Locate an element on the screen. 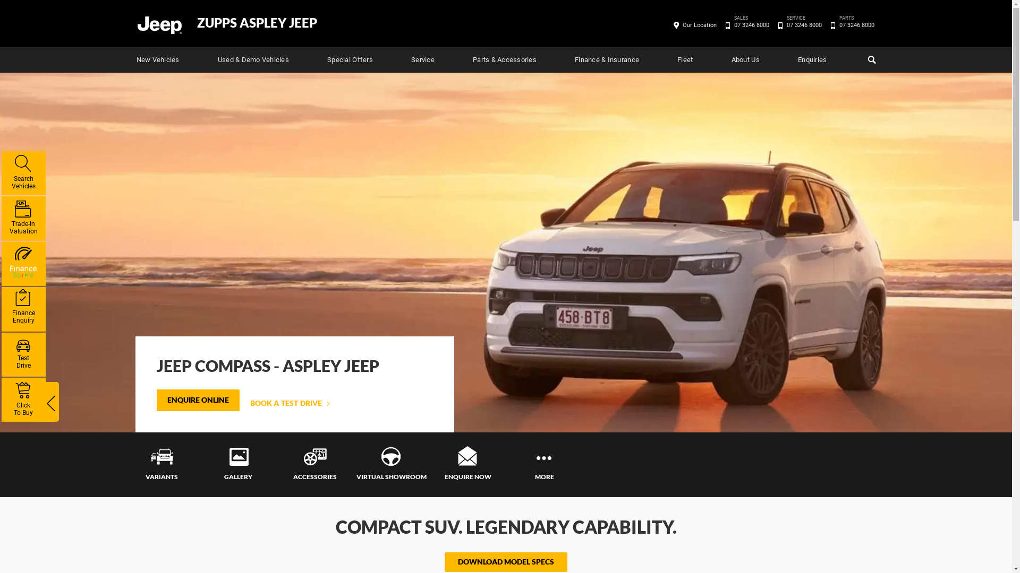 Image resolution: width=1020 pixels, height=573 pixels. 'VARIANTS' is located at coordinates (160, 464).